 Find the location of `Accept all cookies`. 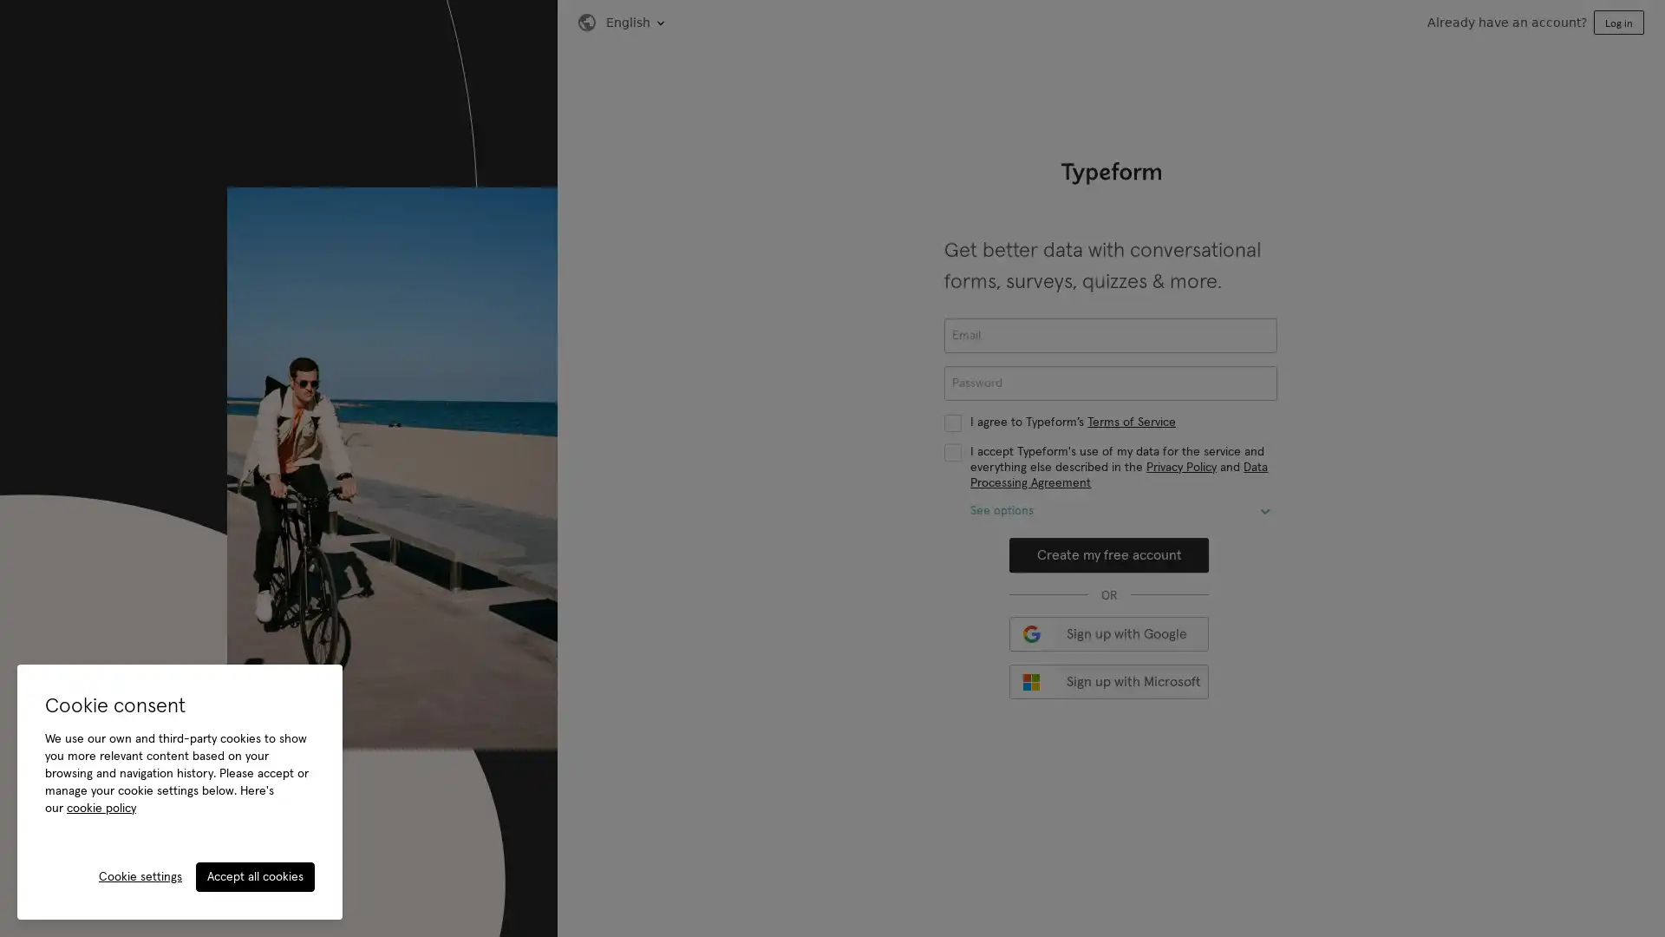

Accept all cookies is located at coordinates (254, 876).